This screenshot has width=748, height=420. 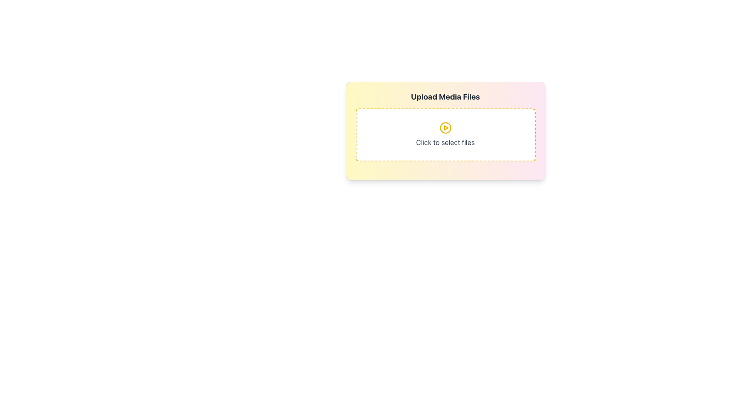 What do you see at coordinates (445, 127) in the screenshot?
I see `keyboard navigation` at bounding box center [445, 127].